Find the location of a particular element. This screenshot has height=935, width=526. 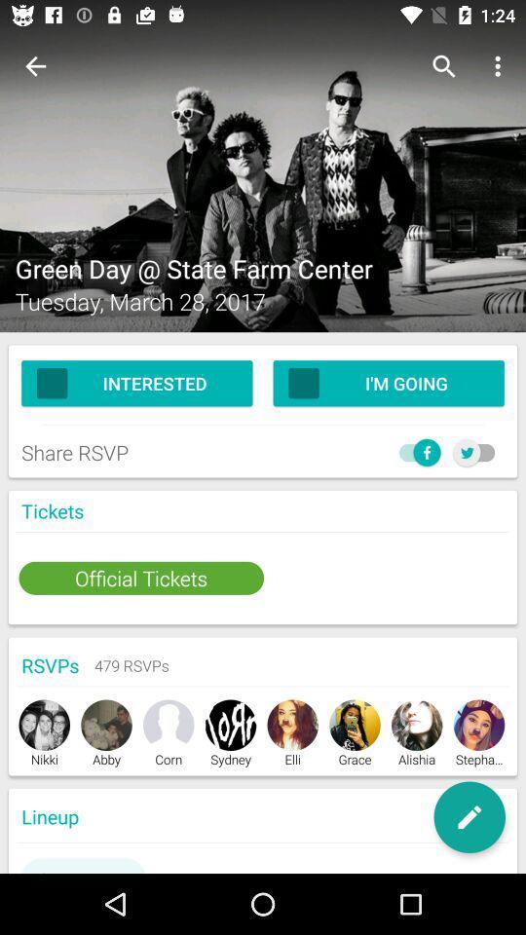

the edit icon is located at coordinates (469, 817).